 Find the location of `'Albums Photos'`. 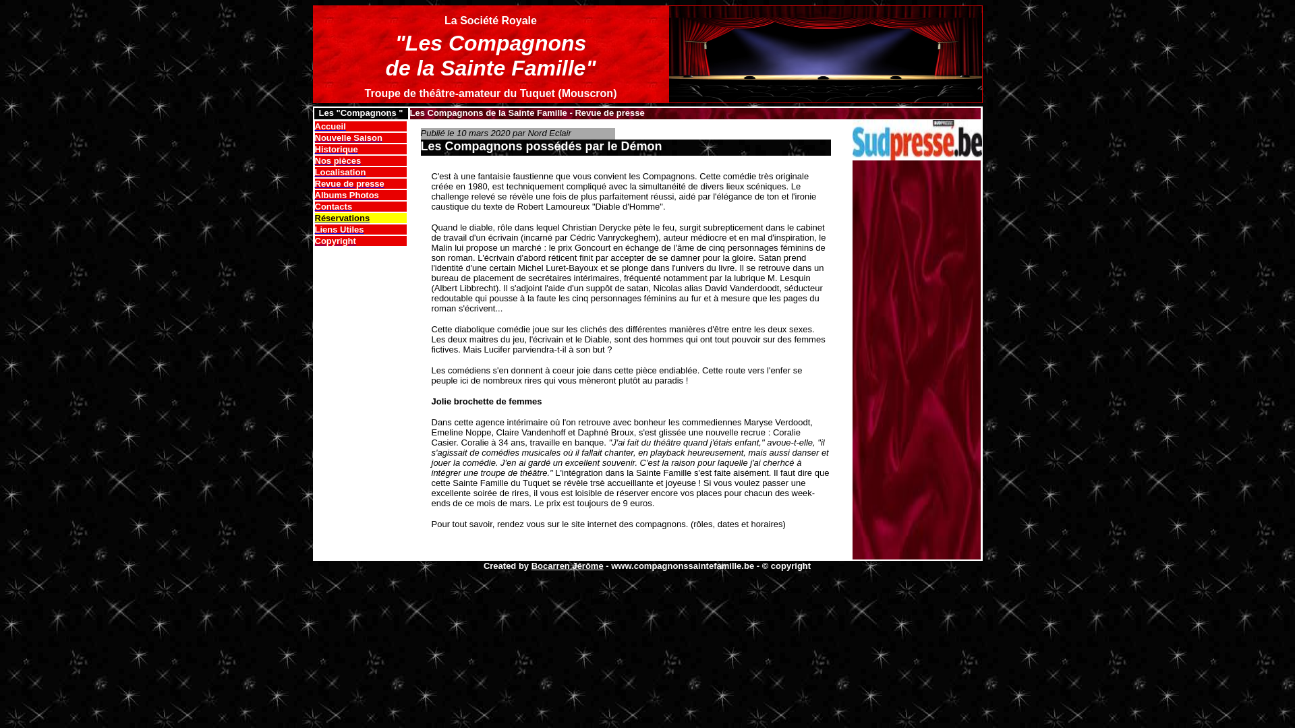

'Albums Photos' is located at coordinates (346, 194).